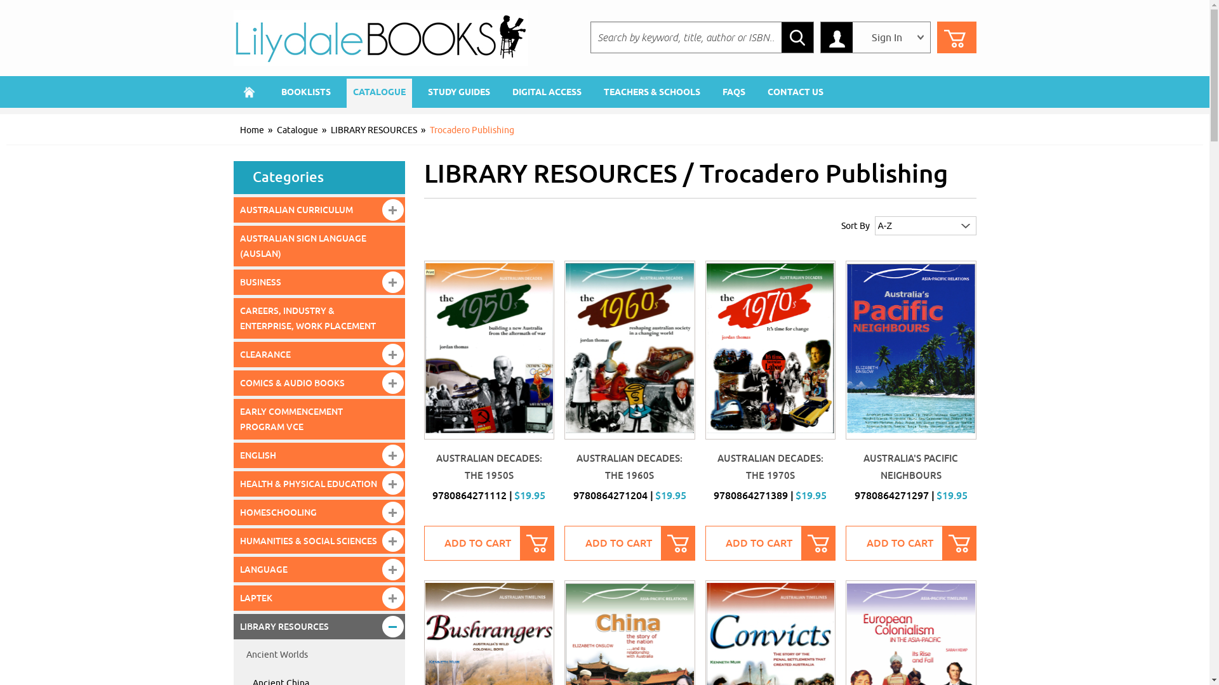 The width and height of the screenshot is (1219, 685). What do you see at coordinates (319, 246) in the screenshot?
I see `'AUSTRALIAN SIGN LANGUAGE (AUSLAN)'` at bounding box center [319, 246].